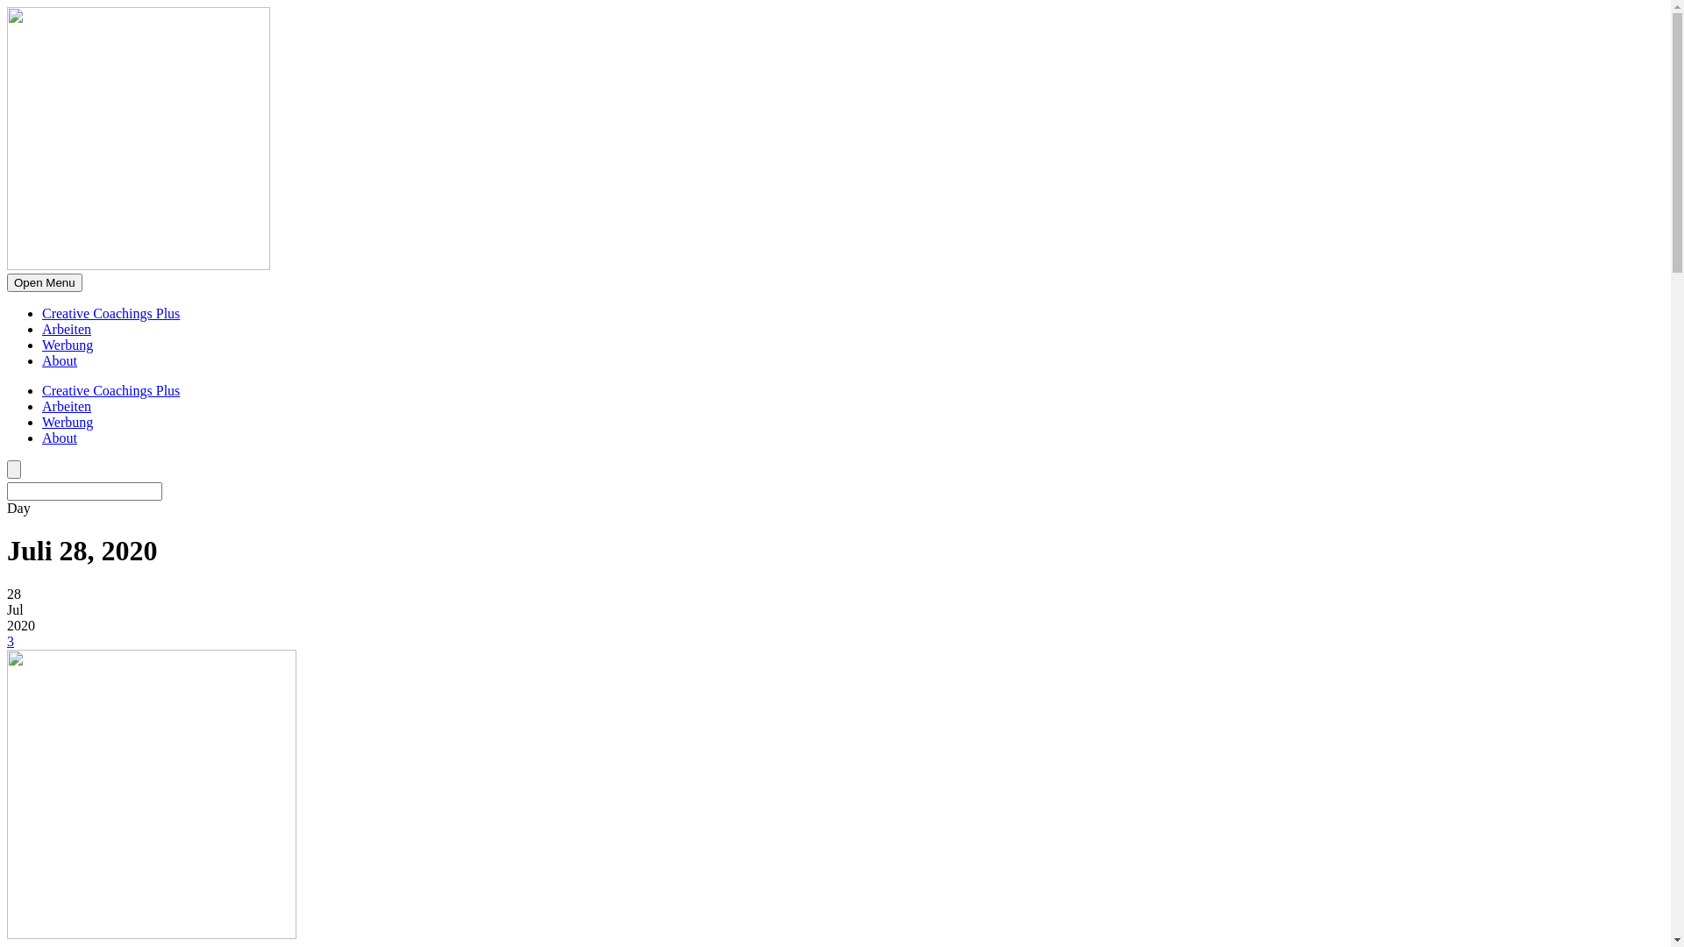 This screenshot has height=947, width=1684. What do you see at coordinates (59, 437) in the screenshot?
I see `'About'` at bounding box center [59, 437].